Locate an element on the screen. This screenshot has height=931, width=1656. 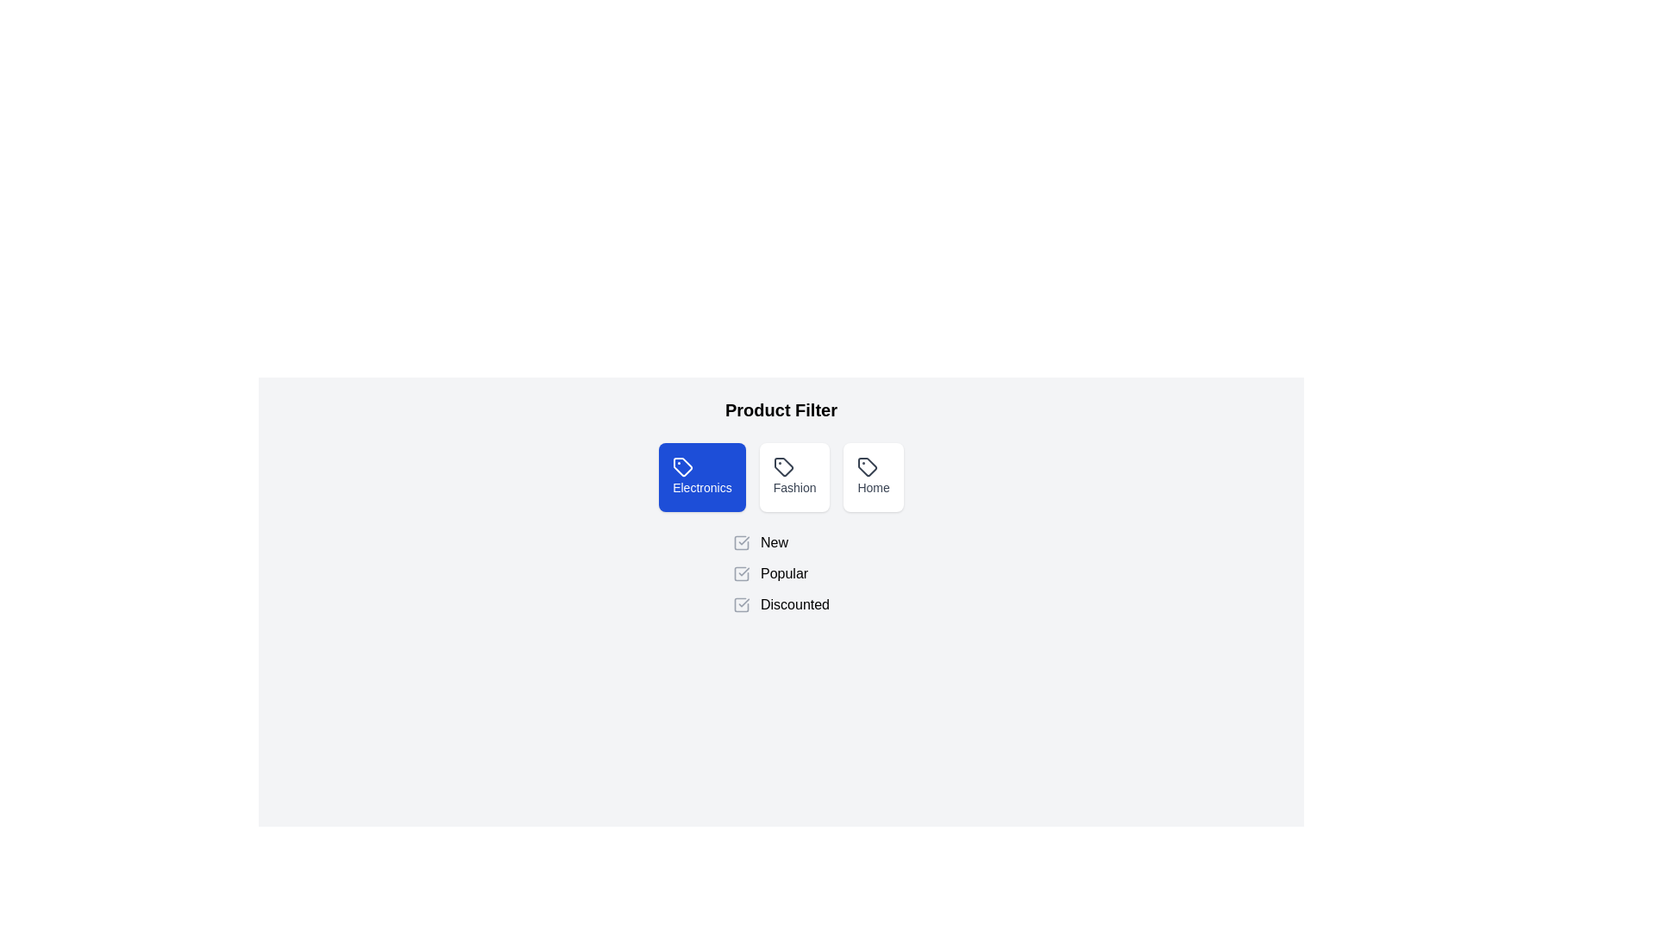
the 'Discounted' filter checkbox to toggle its state is located at coordinates (741, 604).